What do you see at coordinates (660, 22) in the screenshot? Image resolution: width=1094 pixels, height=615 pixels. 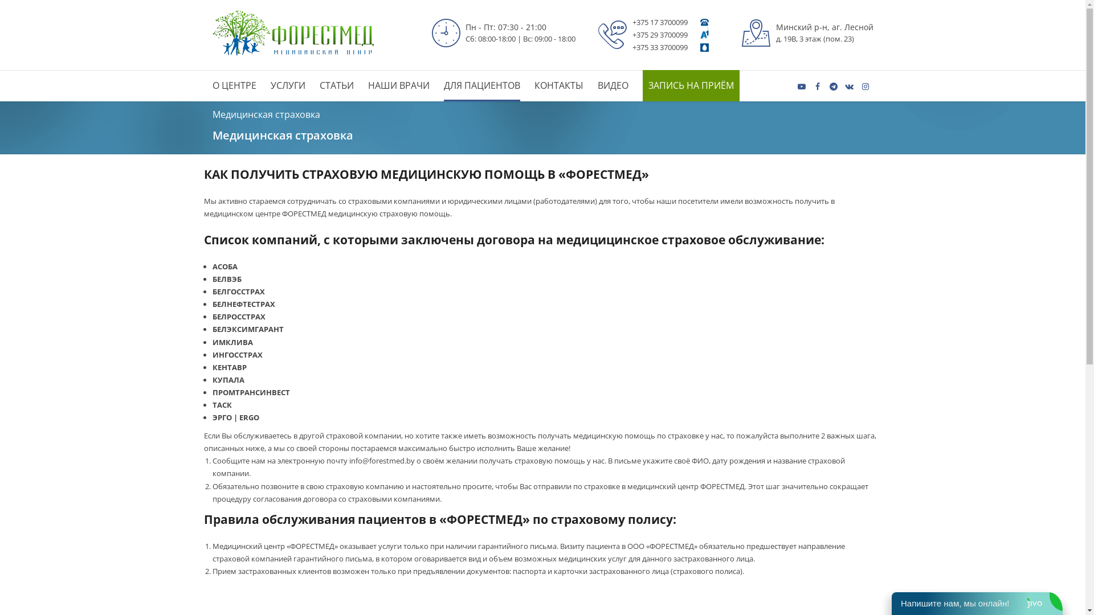 I see `'+375 17 3700099'` at bounding box center [660, 22].